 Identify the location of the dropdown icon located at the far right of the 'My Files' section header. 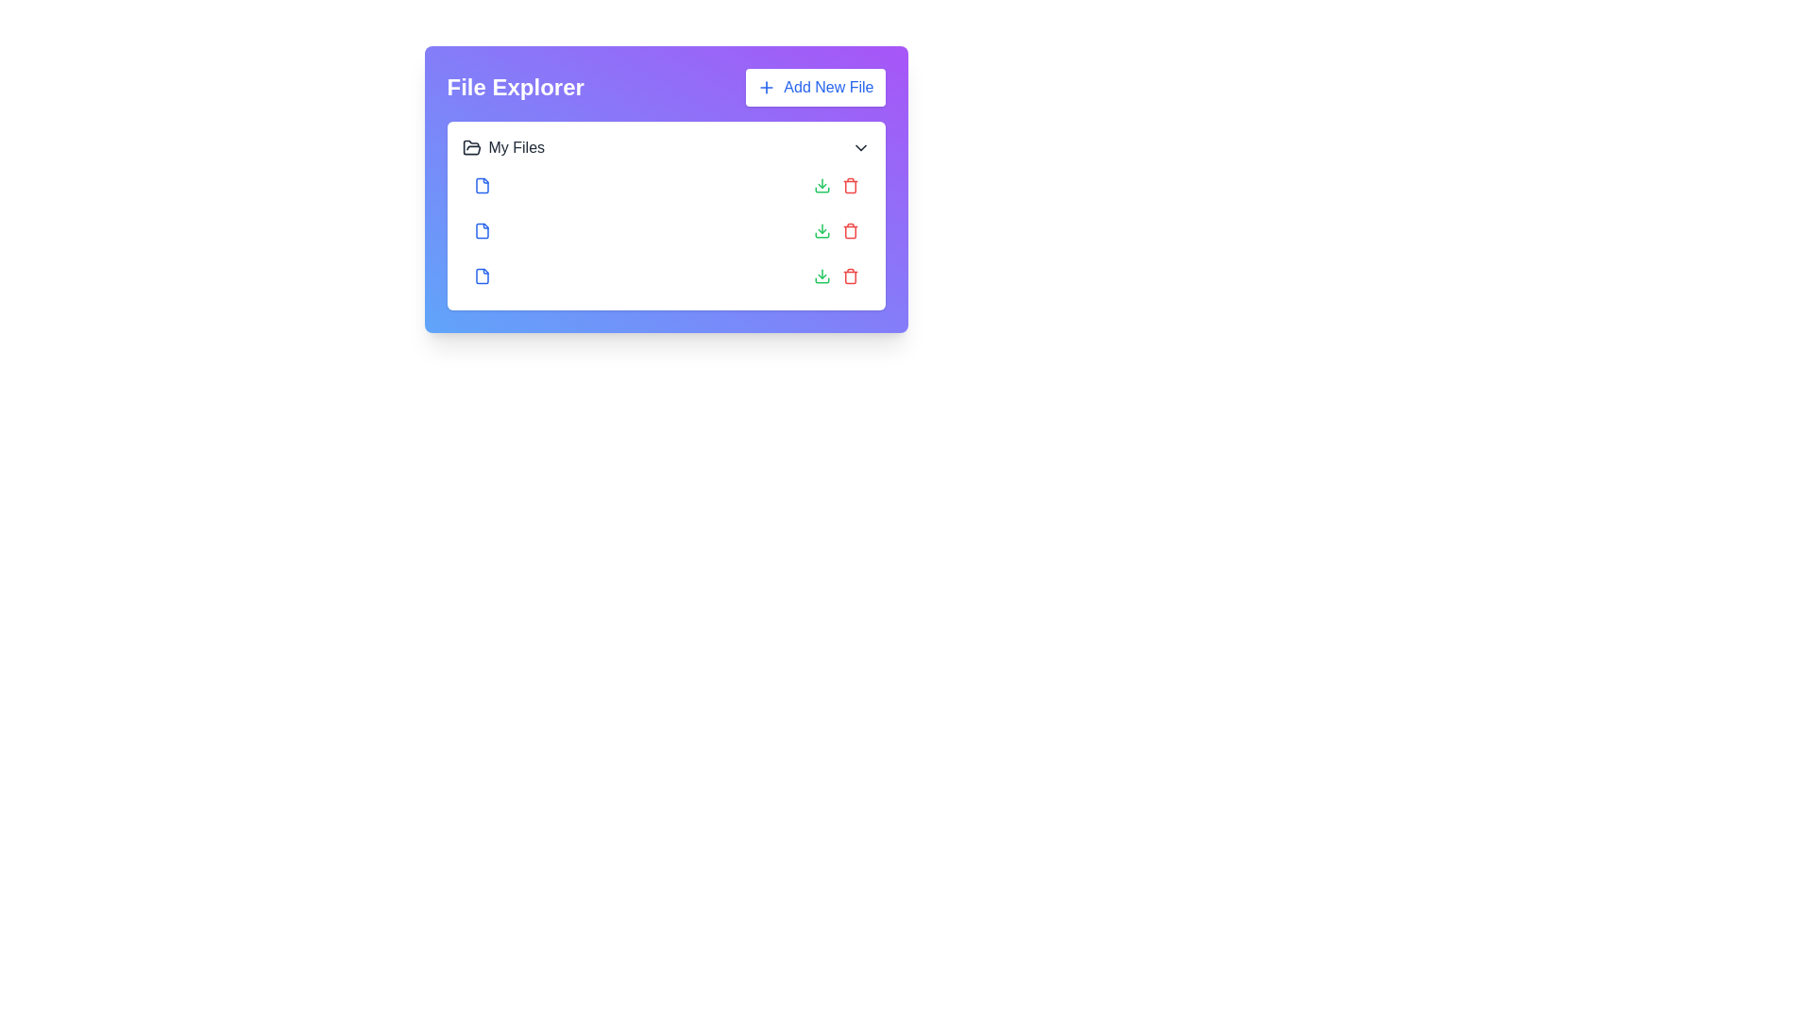
(859, 147).